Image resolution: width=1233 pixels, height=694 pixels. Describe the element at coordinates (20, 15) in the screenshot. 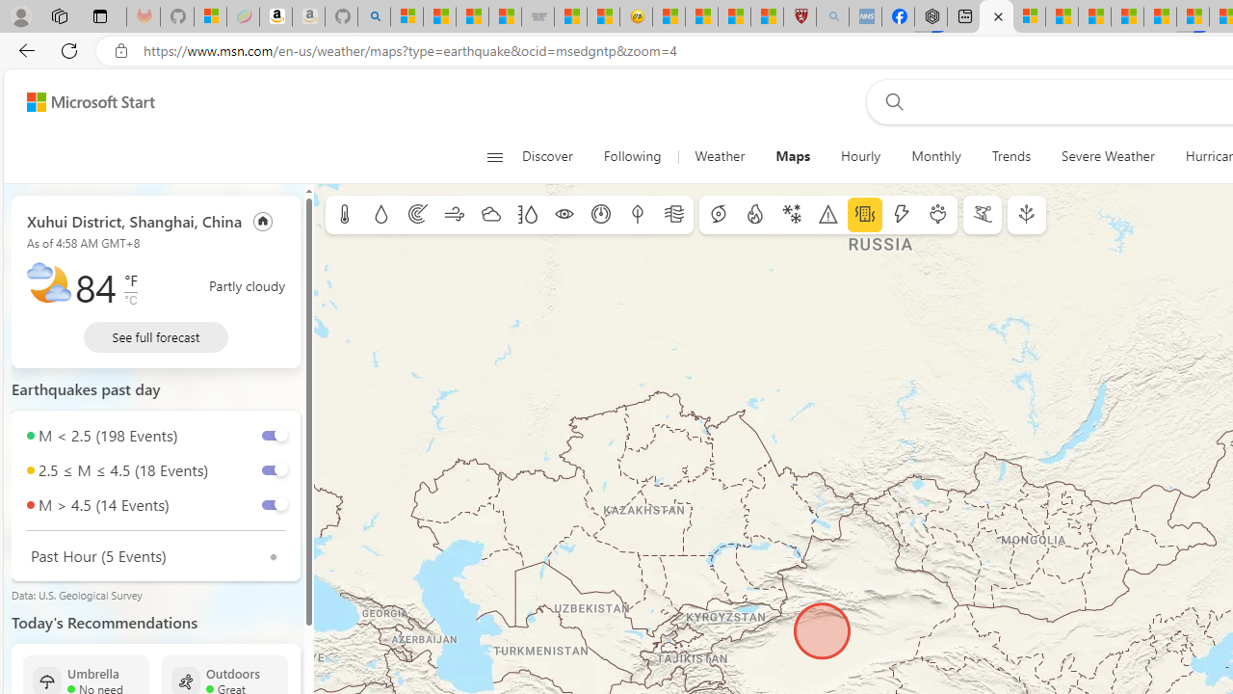

I see `'Personal Profile'` at that location.